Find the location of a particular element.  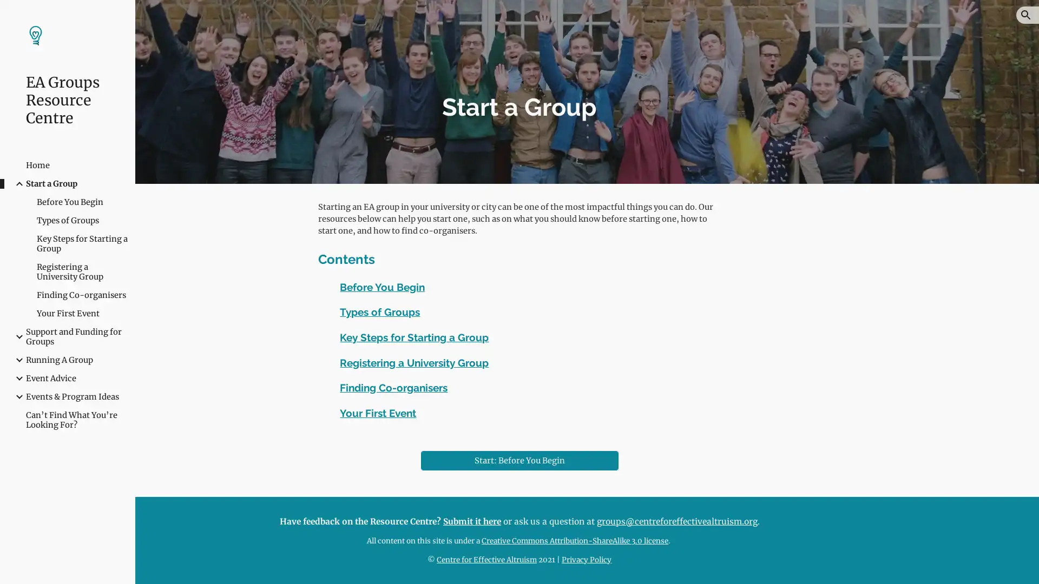

Copy heading link is located at coordinates (568, 362).